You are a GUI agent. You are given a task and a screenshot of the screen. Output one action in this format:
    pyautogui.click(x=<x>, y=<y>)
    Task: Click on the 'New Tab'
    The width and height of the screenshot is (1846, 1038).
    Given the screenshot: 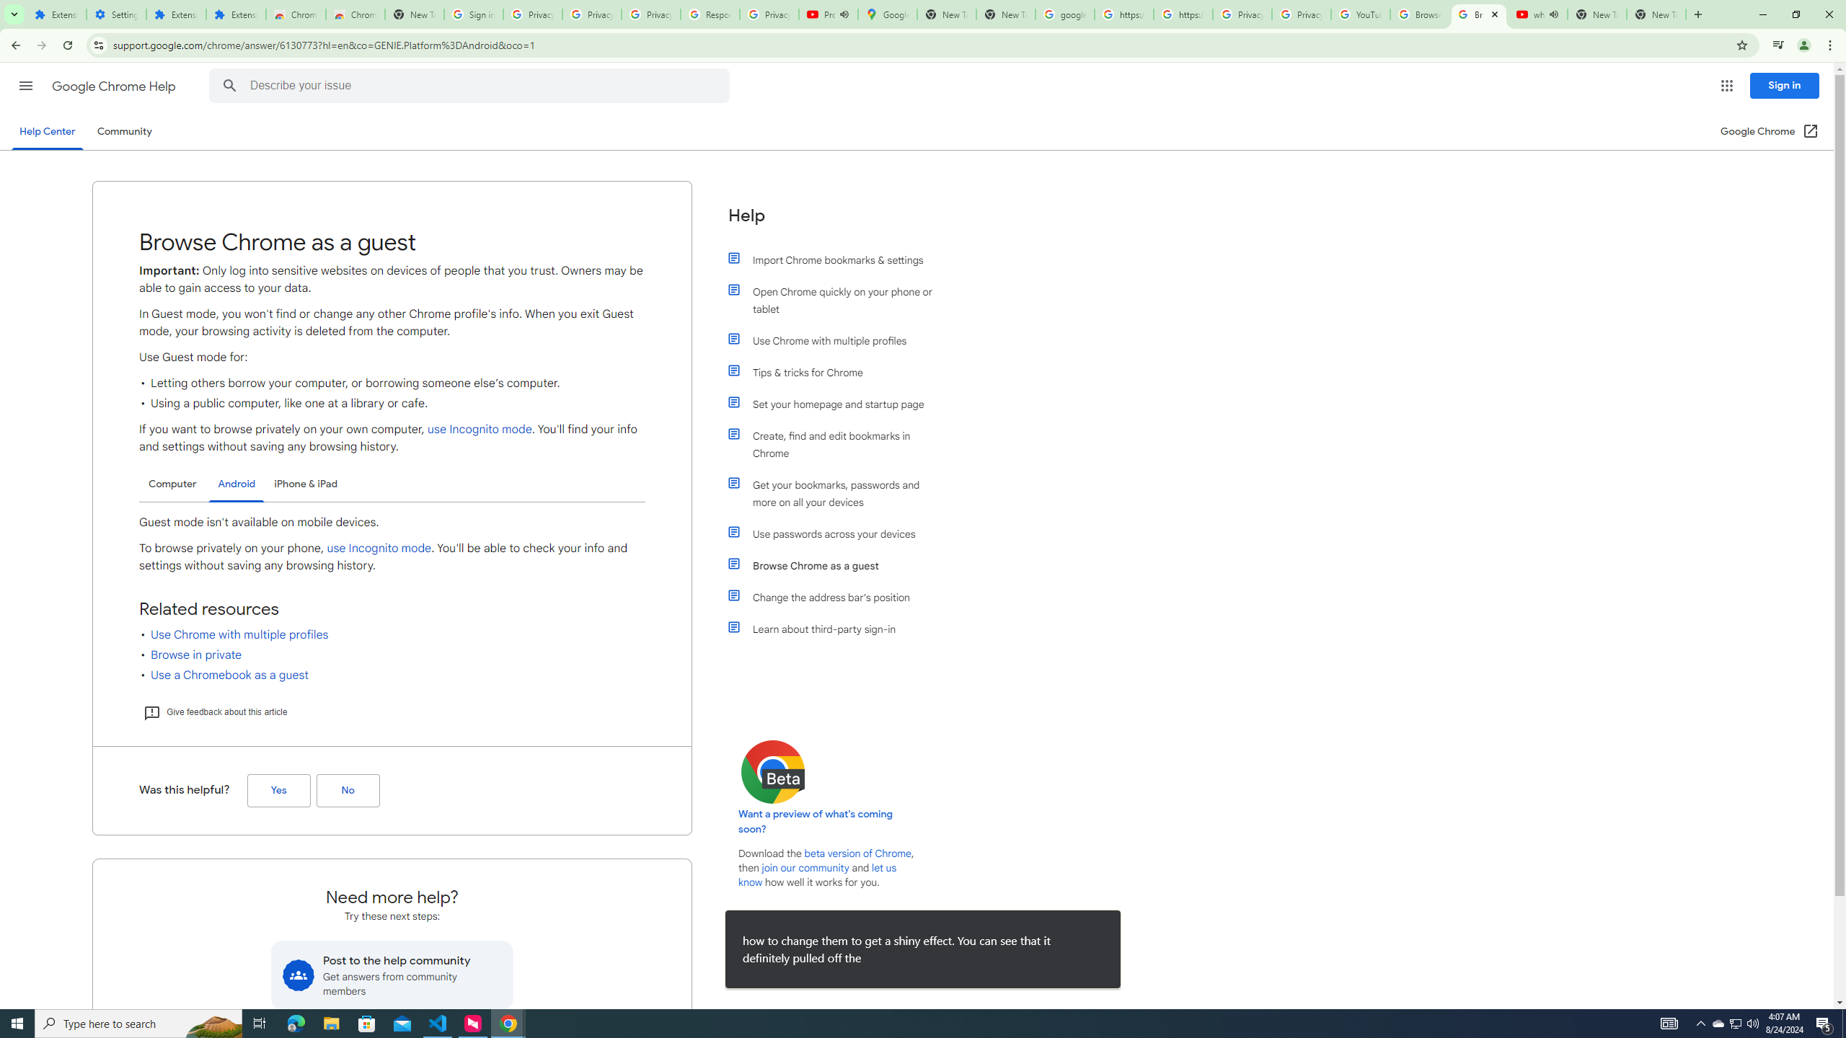 What is the action you would take?
    pyautogui.click(x=1656, y=14)
    